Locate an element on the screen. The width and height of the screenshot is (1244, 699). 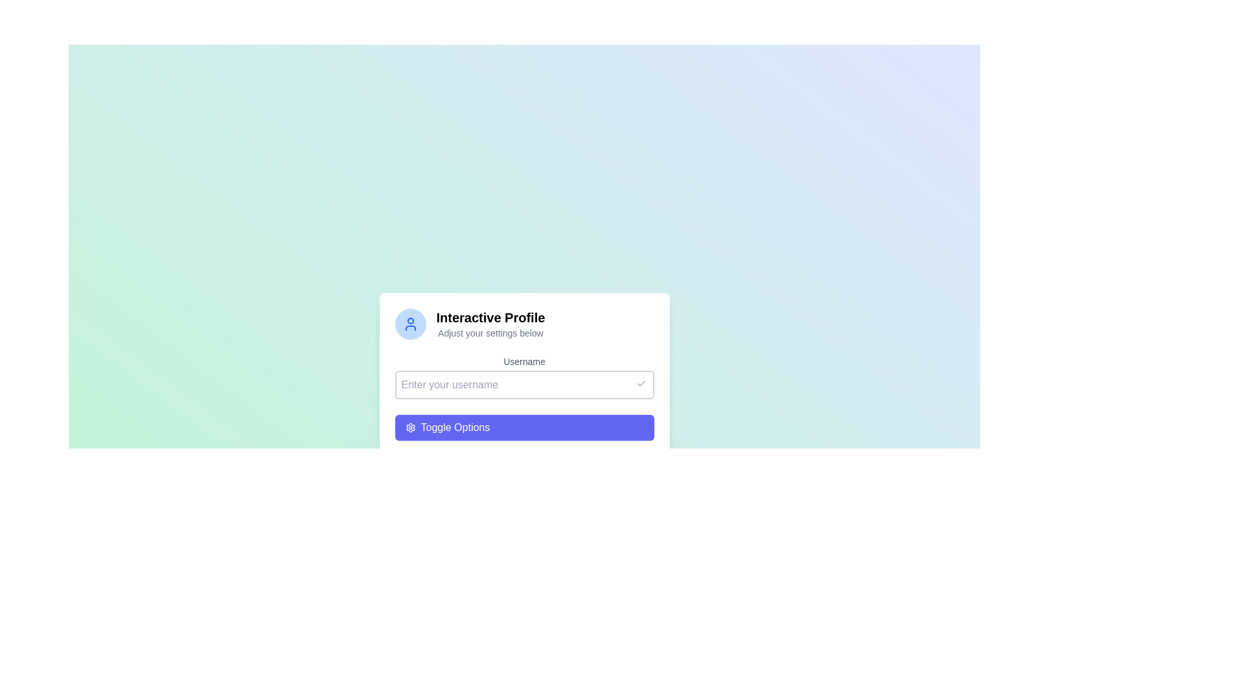
the Text label that provides additional guidance or description for the section below the heading 'Interactive Profile.' is located at coordinates (490, 333).